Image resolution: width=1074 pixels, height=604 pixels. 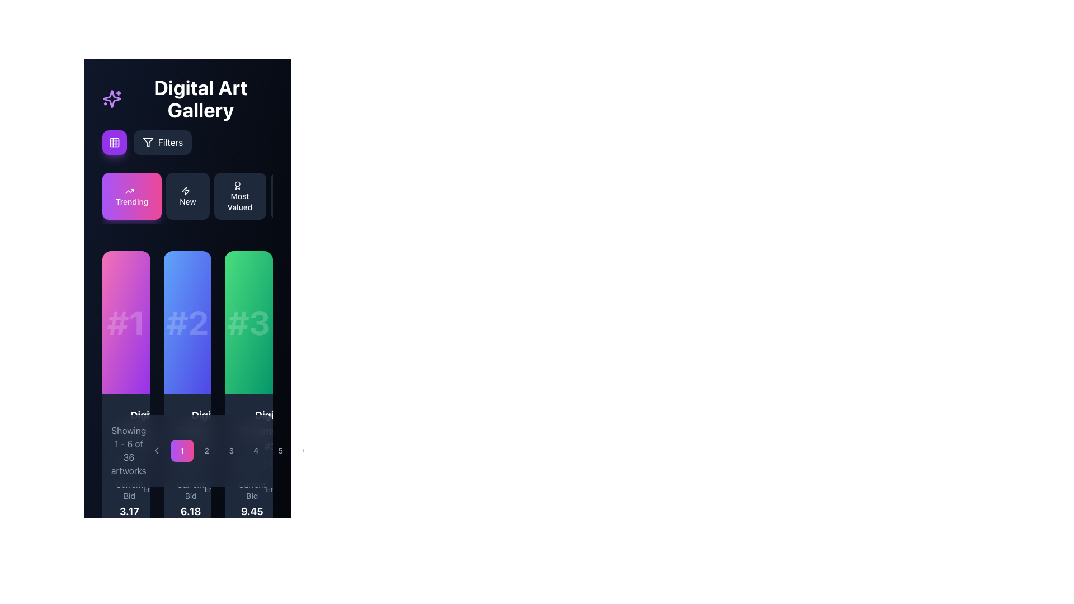 I want to click on the 'New' button SVG icon that visually indicates novelty, located centrally within the button labeled 'New' in the Digital Art Gallery interface, so click(x=185, y=191).